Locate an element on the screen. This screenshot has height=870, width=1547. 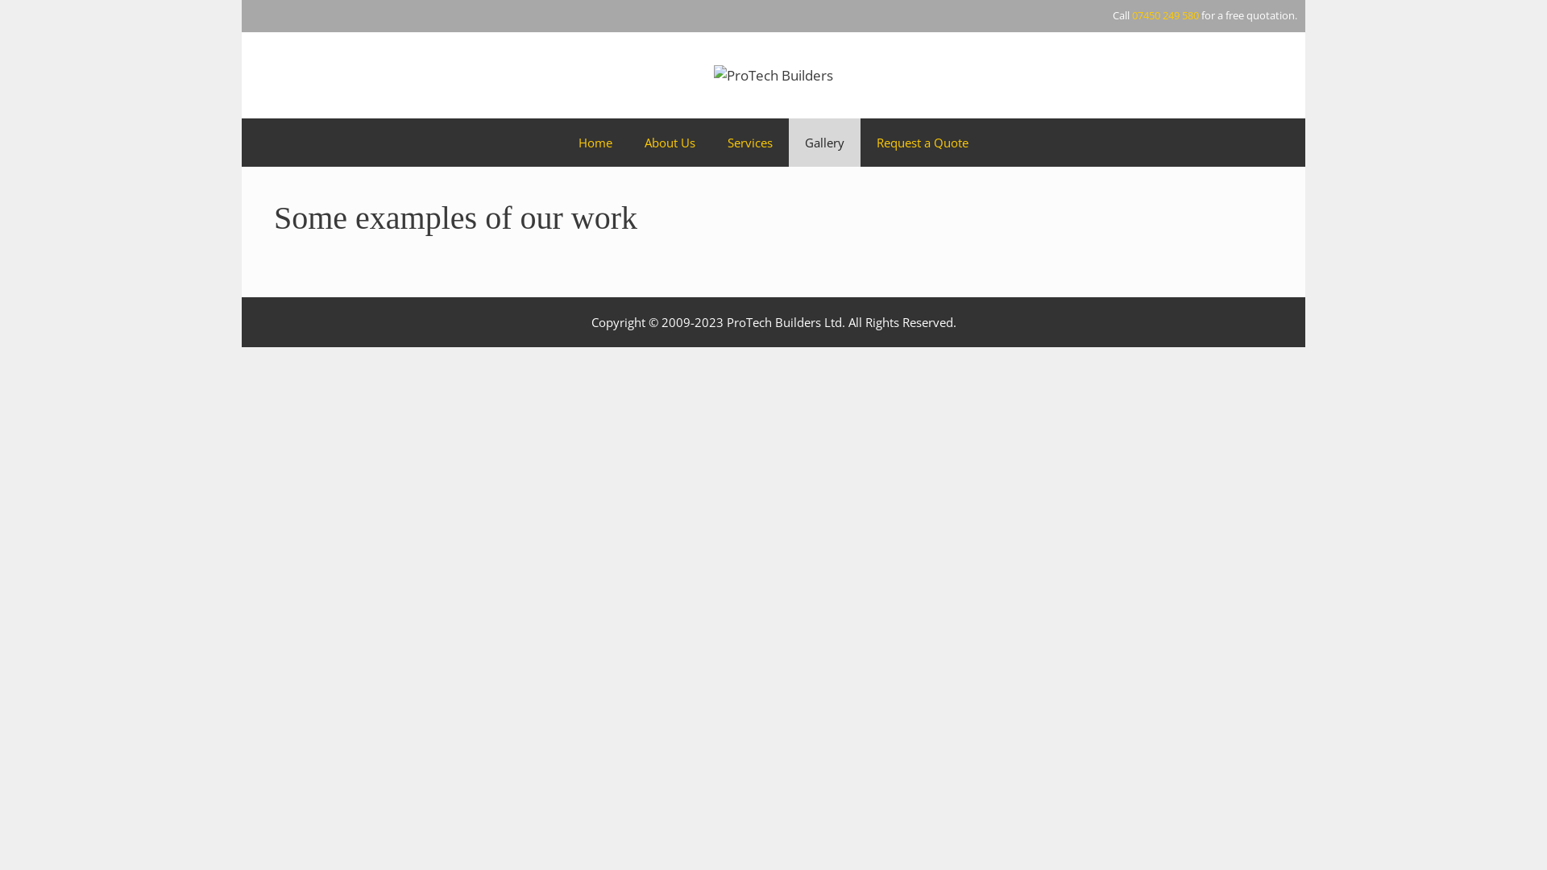
'Services' is located at coordinates (711, 142).